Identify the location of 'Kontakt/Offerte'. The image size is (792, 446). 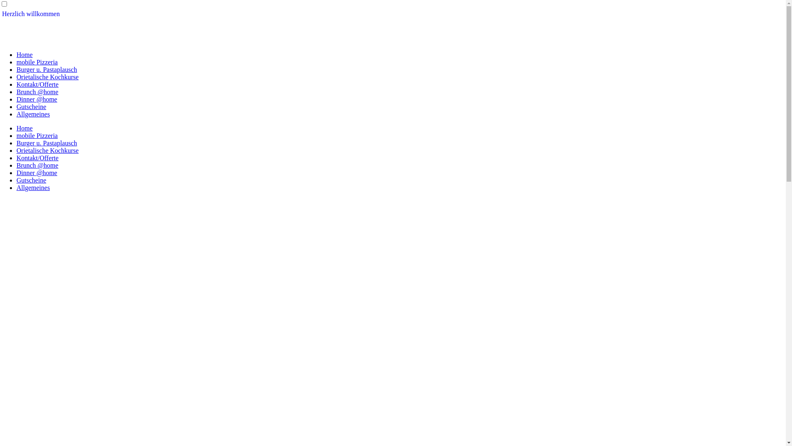
(37, 158).